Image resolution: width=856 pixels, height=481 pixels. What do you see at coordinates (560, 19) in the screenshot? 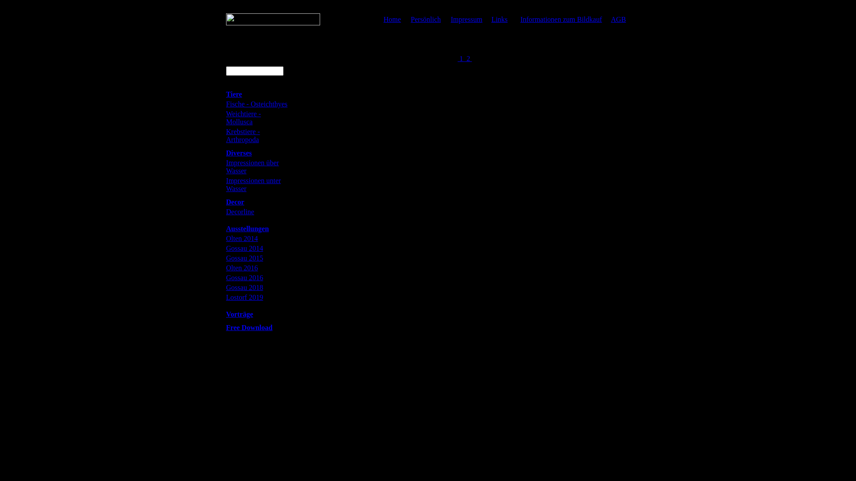
I see `'Informationen zum Bildkauf'` at bounding box center [560, 19].